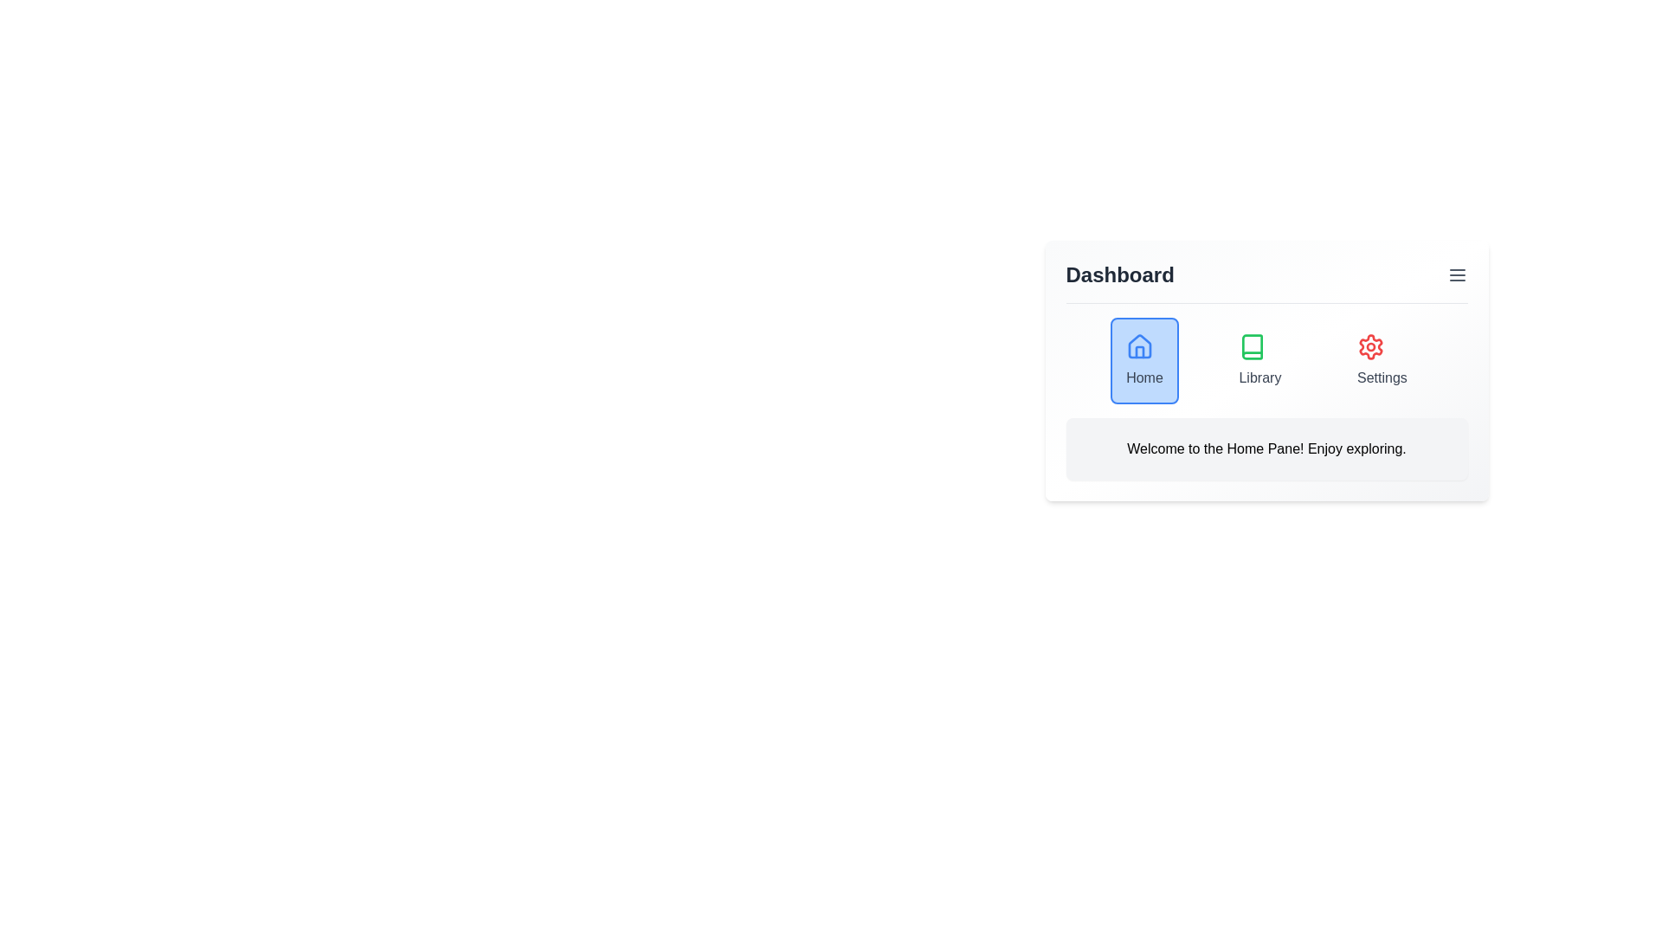 The height and width of the screenshot is (935, 1662). What do you see at coordinates (1370, 347) in the screenshot?
I see `the cogwheel settings icon located in the navigation bar, which is the rightmost of three icons and adjacent to the 'Library' icon` at bounding box center [1370, 347].